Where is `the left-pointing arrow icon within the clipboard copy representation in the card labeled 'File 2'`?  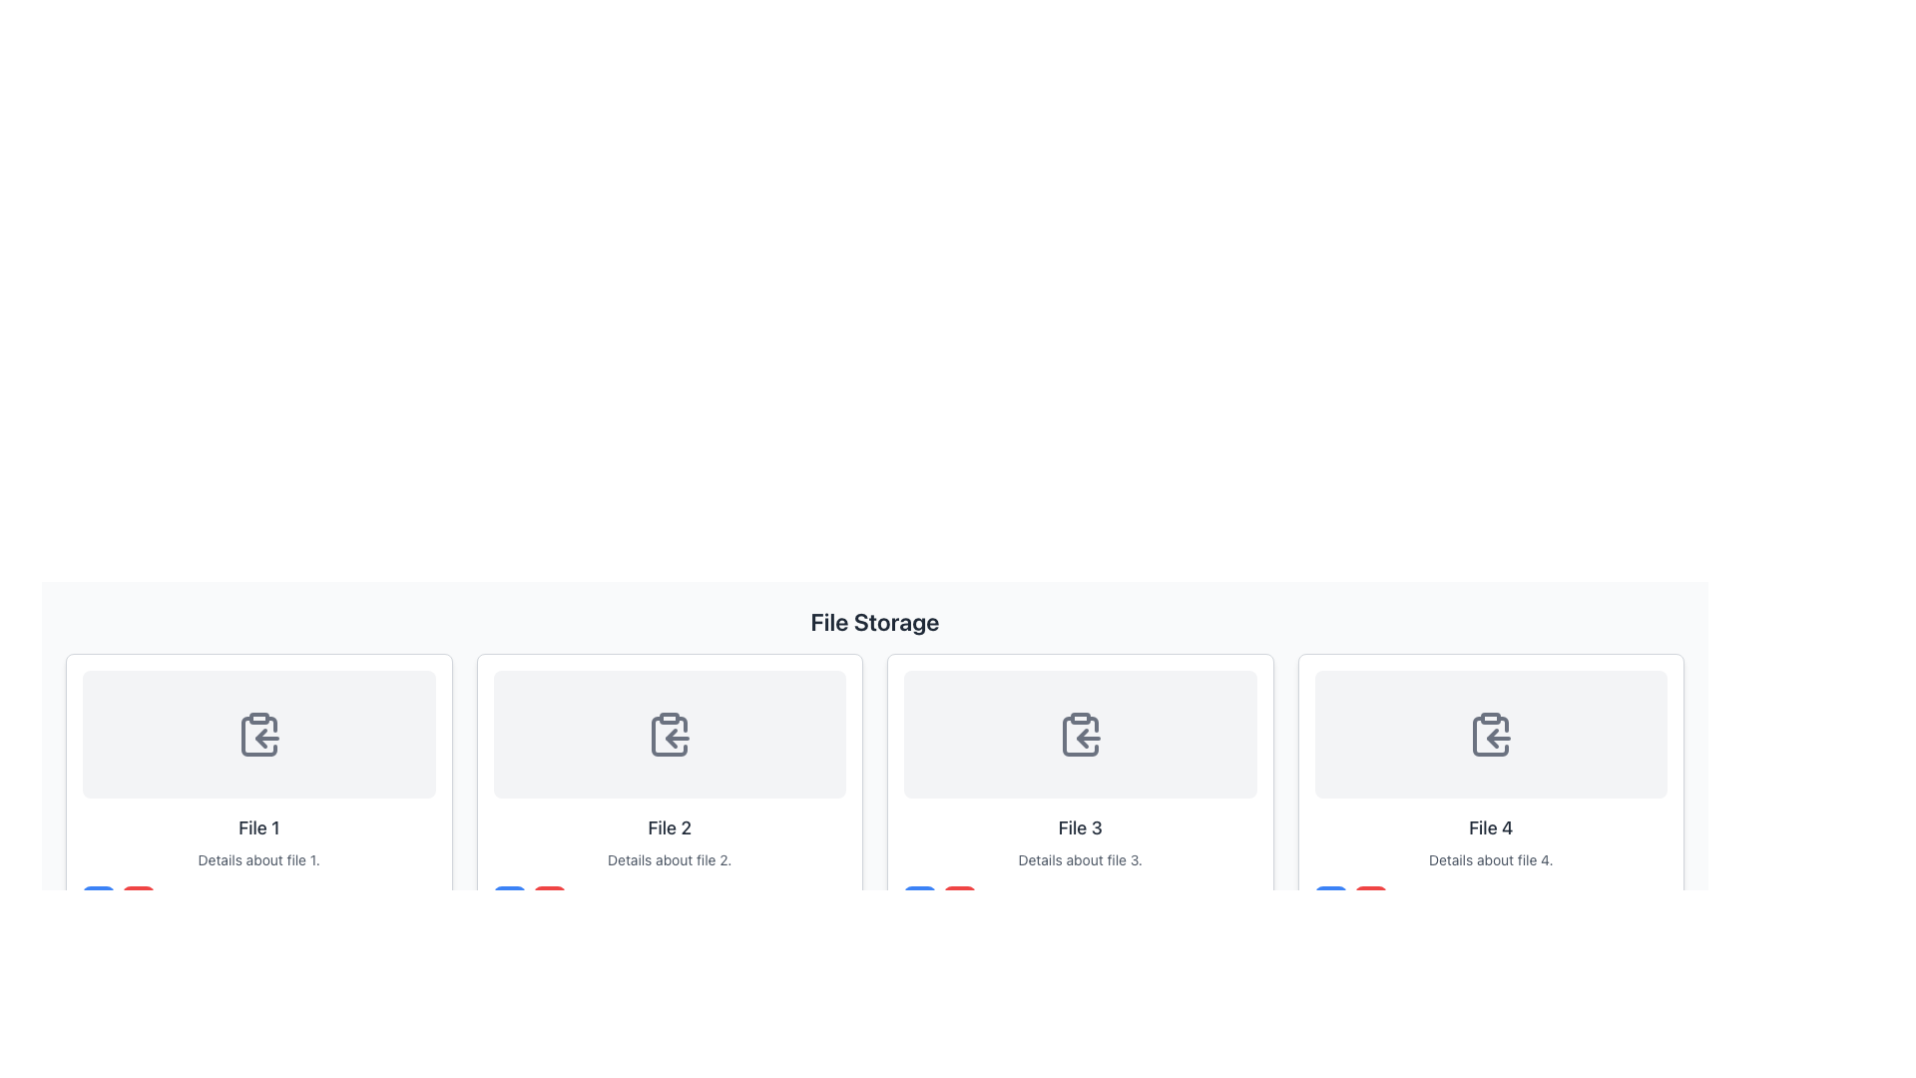 the left-pointing arrow icon within the clipboard copy representation in the card labeled 'File 2' is located at coordinates (672, 739).